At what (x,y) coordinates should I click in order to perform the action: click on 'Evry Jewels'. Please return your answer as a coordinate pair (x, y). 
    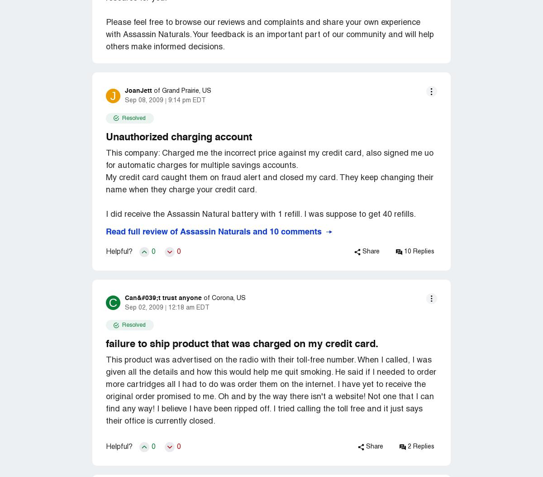
    Looking at the image, I should click on (452, 12).